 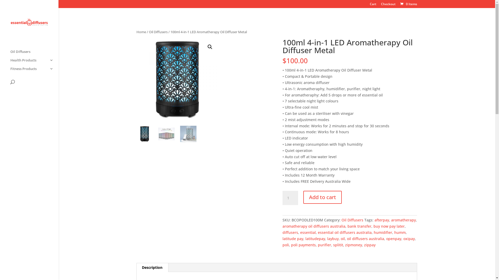 What do you see at coordinates (388, 5) in the screenshot?
I see `'Checkout'` at bounding box center [388, 5].